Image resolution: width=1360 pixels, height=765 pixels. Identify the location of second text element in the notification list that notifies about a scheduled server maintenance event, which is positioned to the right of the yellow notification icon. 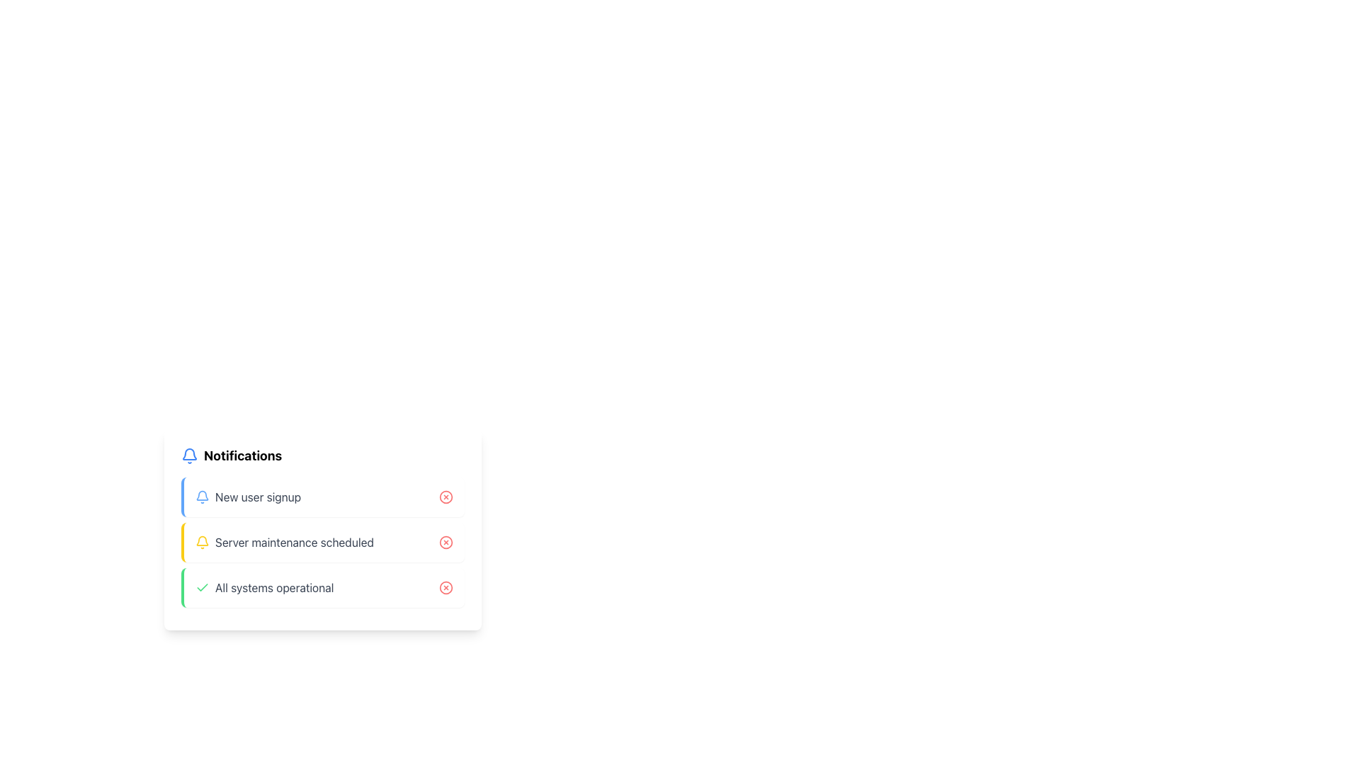
(293, 542).